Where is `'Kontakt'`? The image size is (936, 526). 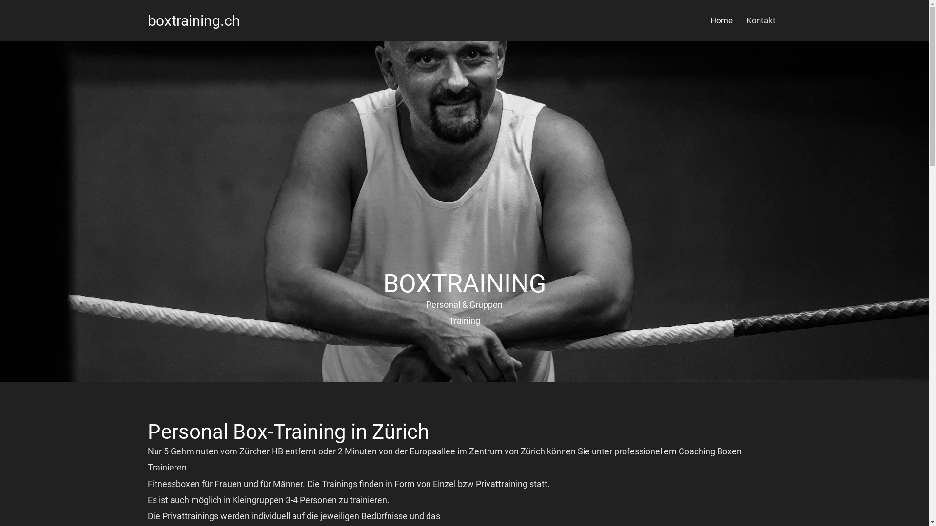 'Kontakt' is located at coordinates (760, 20).